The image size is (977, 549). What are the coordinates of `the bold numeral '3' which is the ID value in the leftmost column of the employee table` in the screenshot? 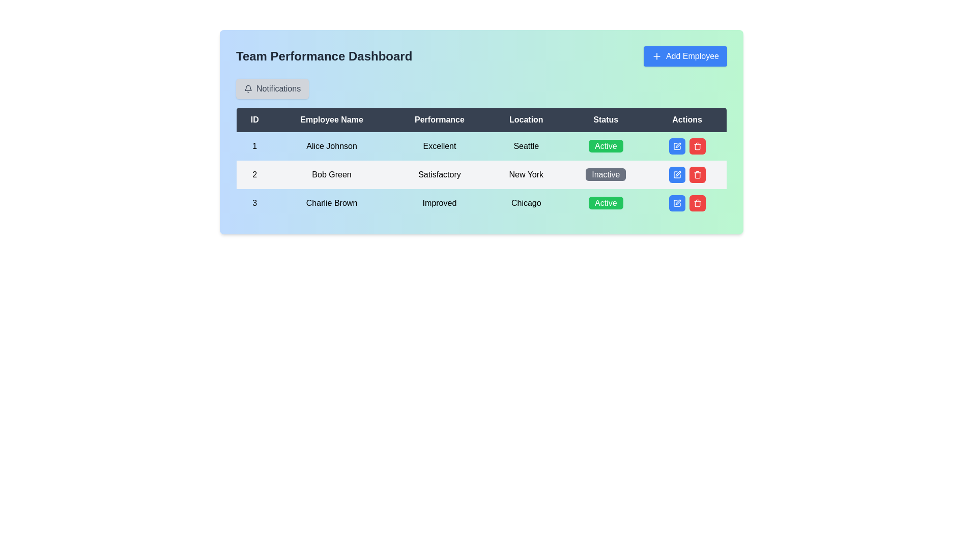 It's located at (254, 203).